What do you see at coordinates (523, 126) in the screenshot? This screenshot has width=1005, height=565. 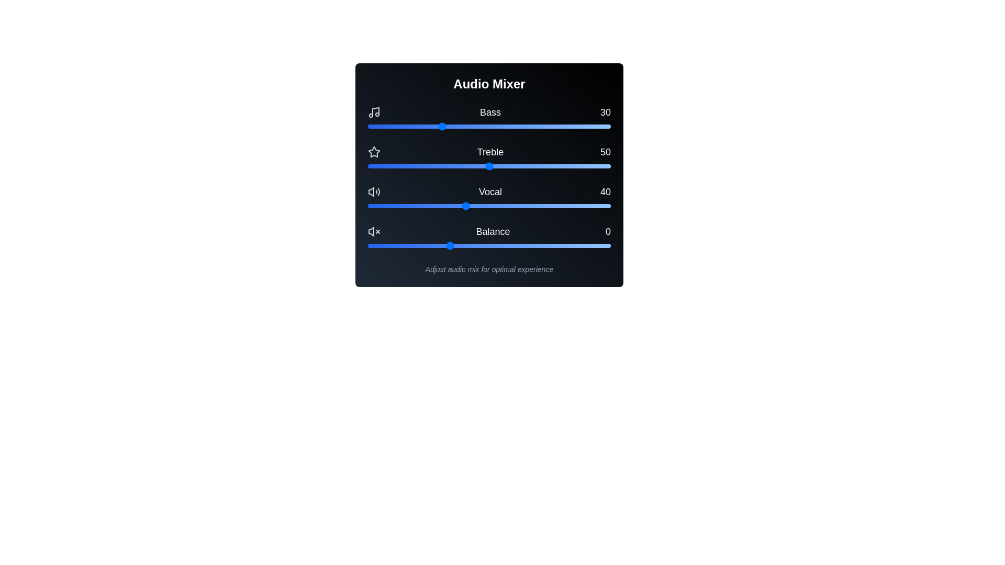 I see `the bass slider to 64 by dragging it to the desired position` at bounding box center [523, 126].